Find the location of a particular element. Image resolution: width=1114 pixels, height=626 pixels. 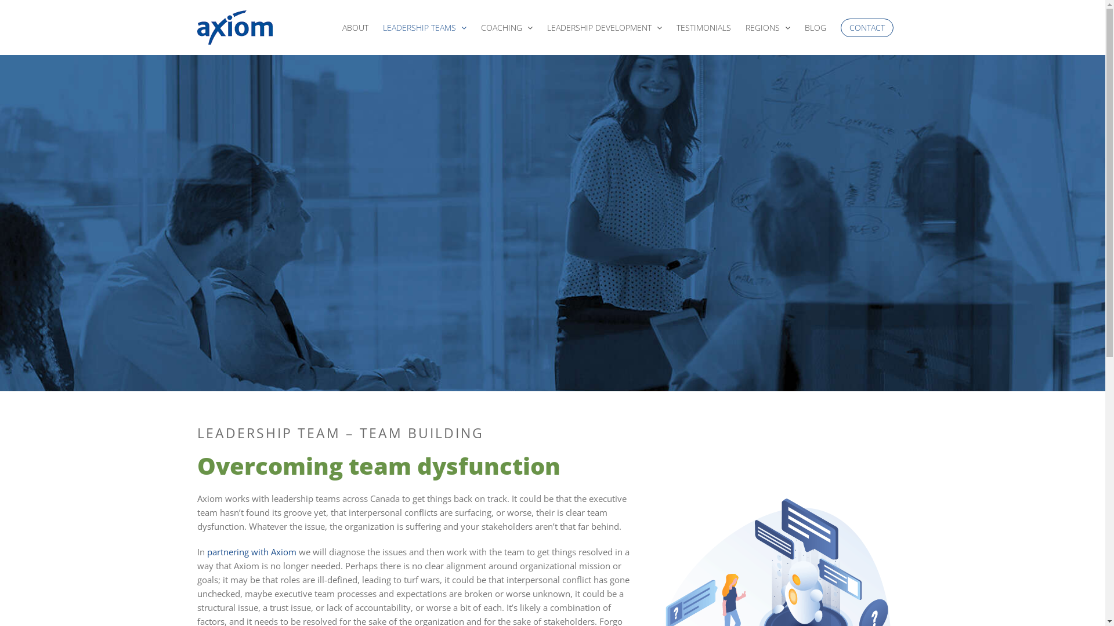

'BLOG' is located at coordinates (815, 27).